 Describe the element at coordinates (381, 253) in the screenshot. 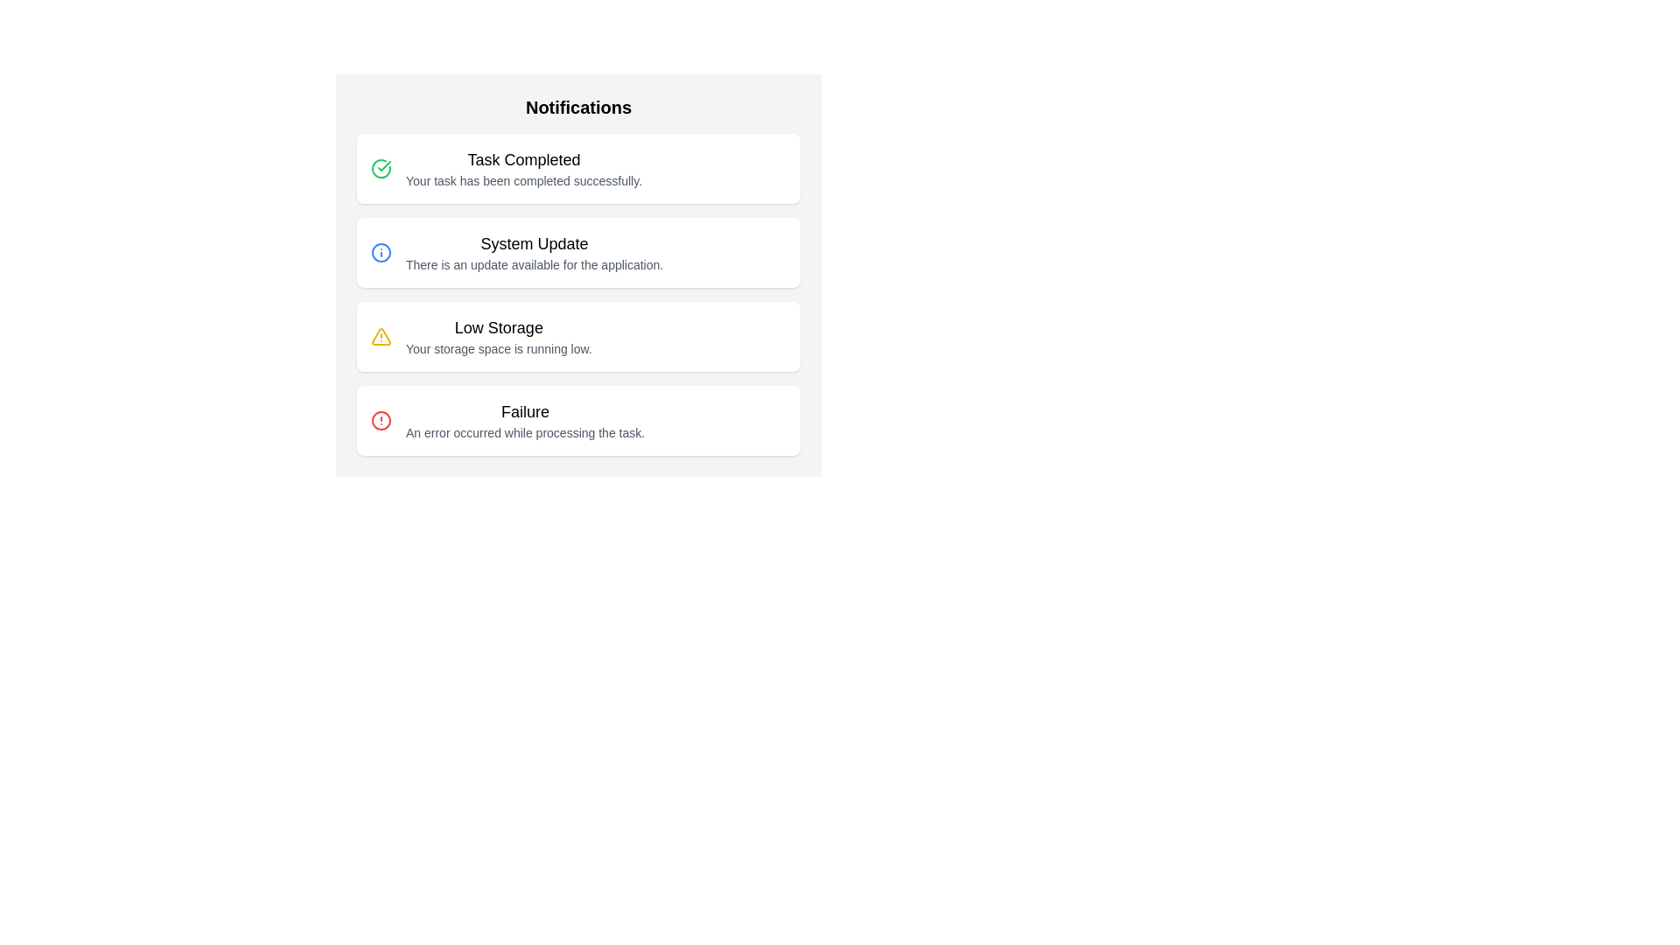

I see `the Icon that visually conveys information in the 'System Update' notification box, located on the left side of the box, preceding the title and description text` at that location.